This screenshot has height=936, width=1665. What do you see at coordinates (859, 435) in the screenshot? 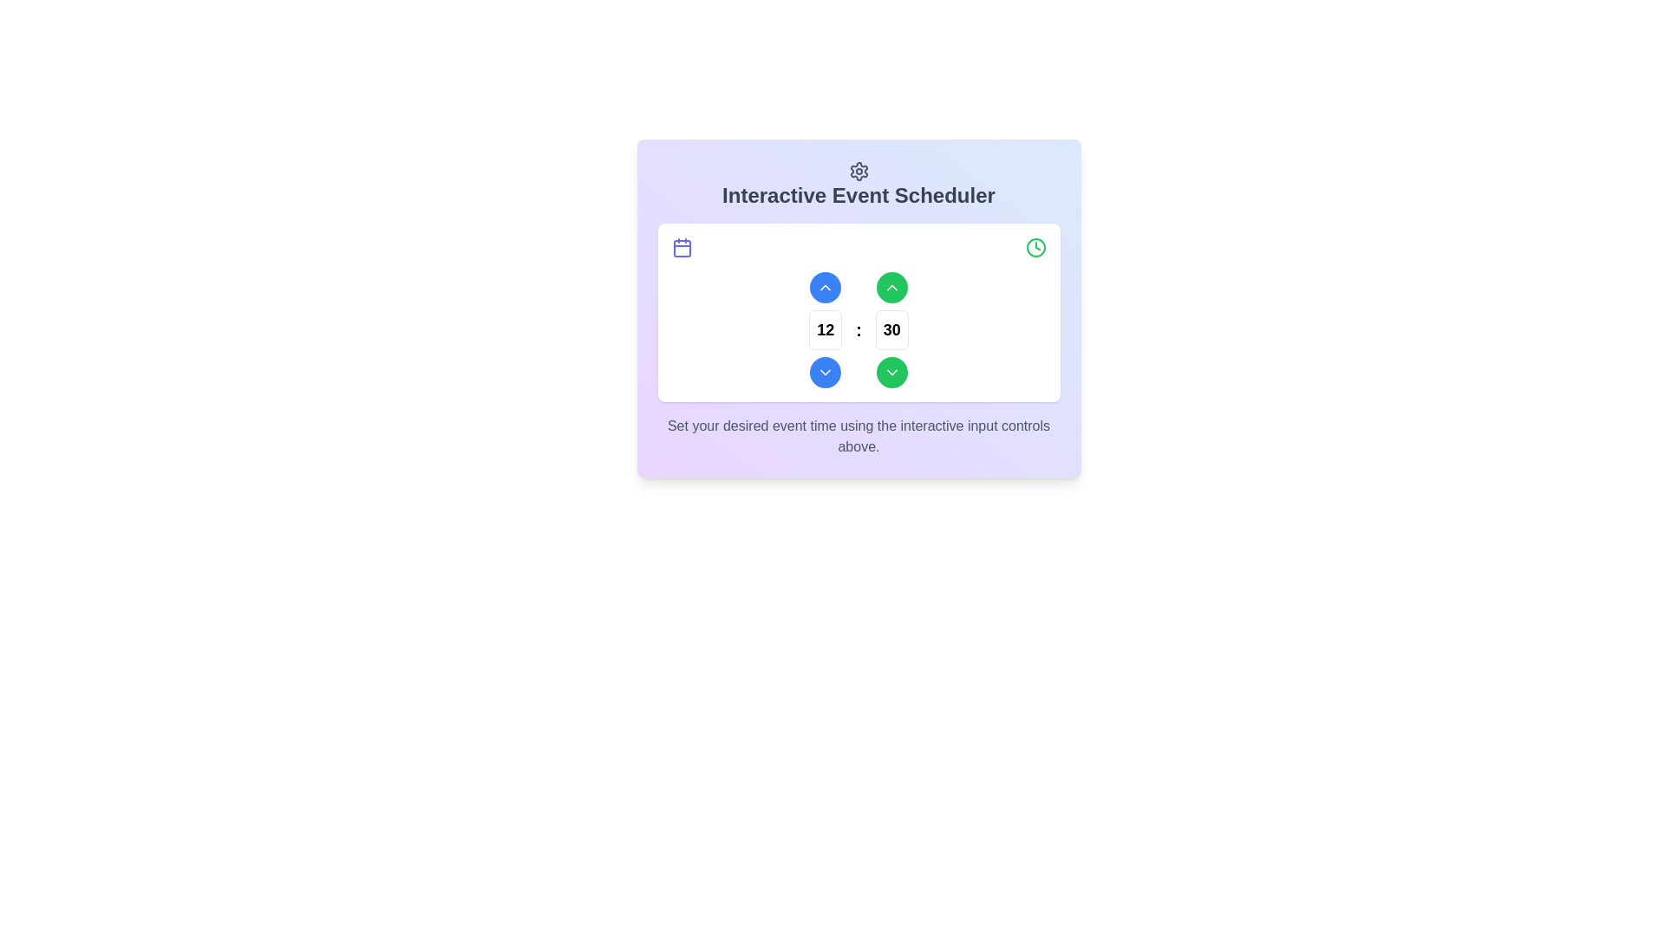
I see `instructional text element that provides guidance on setting the desired event time, which is styled with a gray font on a light gradient background and located below the time input interface` at bounding box center [859, 435].